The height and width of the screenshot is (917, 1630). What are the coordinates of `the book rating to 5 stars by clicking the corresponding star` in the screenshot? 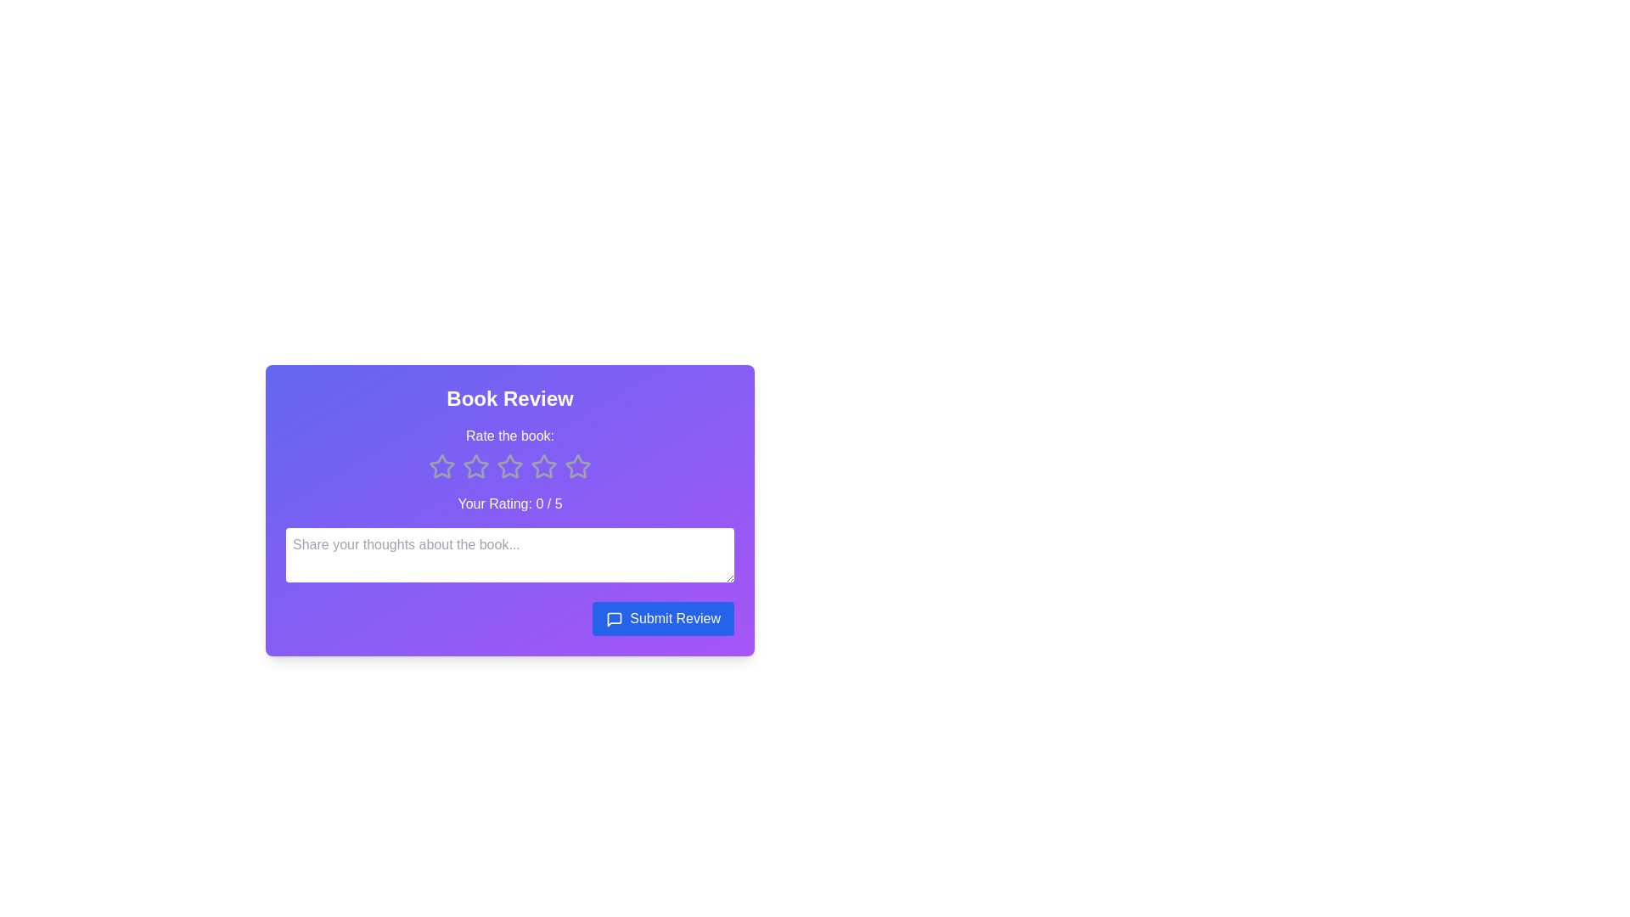 It's located at (578, 467).